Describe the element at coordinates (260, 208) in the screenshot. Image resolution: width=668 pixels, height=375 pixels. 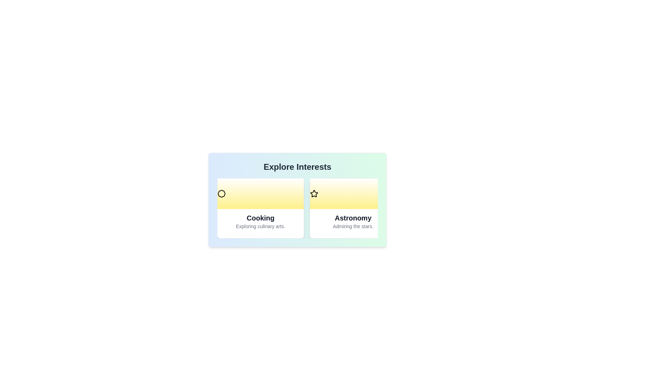
I see `the interest card labeled 'Cooking' to select it` at that location.